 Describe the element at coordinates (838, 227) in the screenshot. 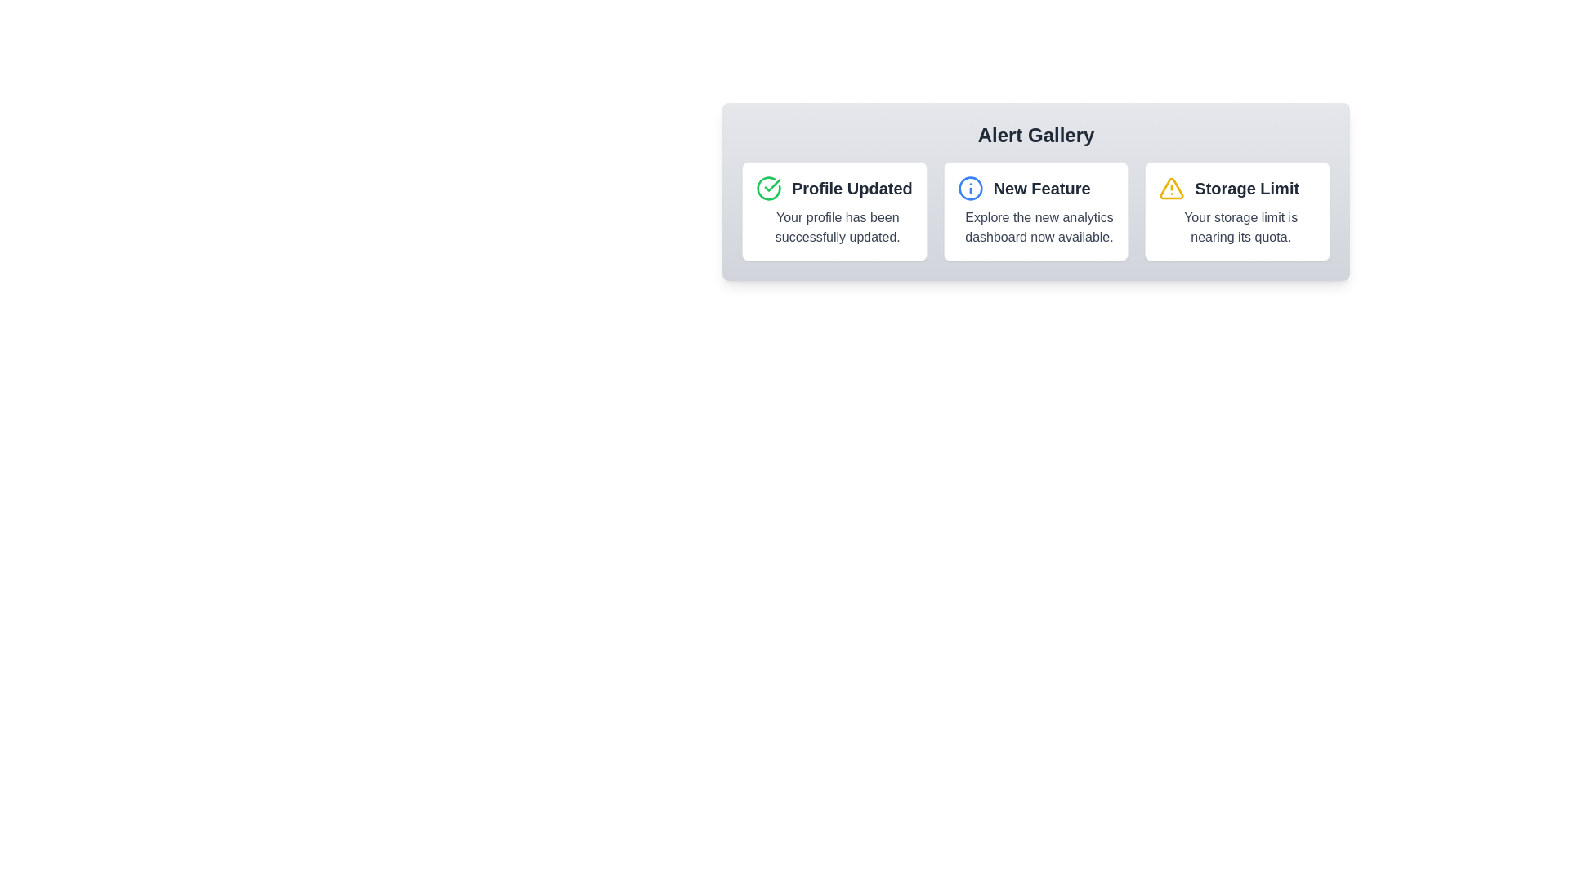

I see `message displayed in the text component that shows 'Your profile has been successfully updated.' located beneath the 'Profile Updated' title in the card layout` at that location.